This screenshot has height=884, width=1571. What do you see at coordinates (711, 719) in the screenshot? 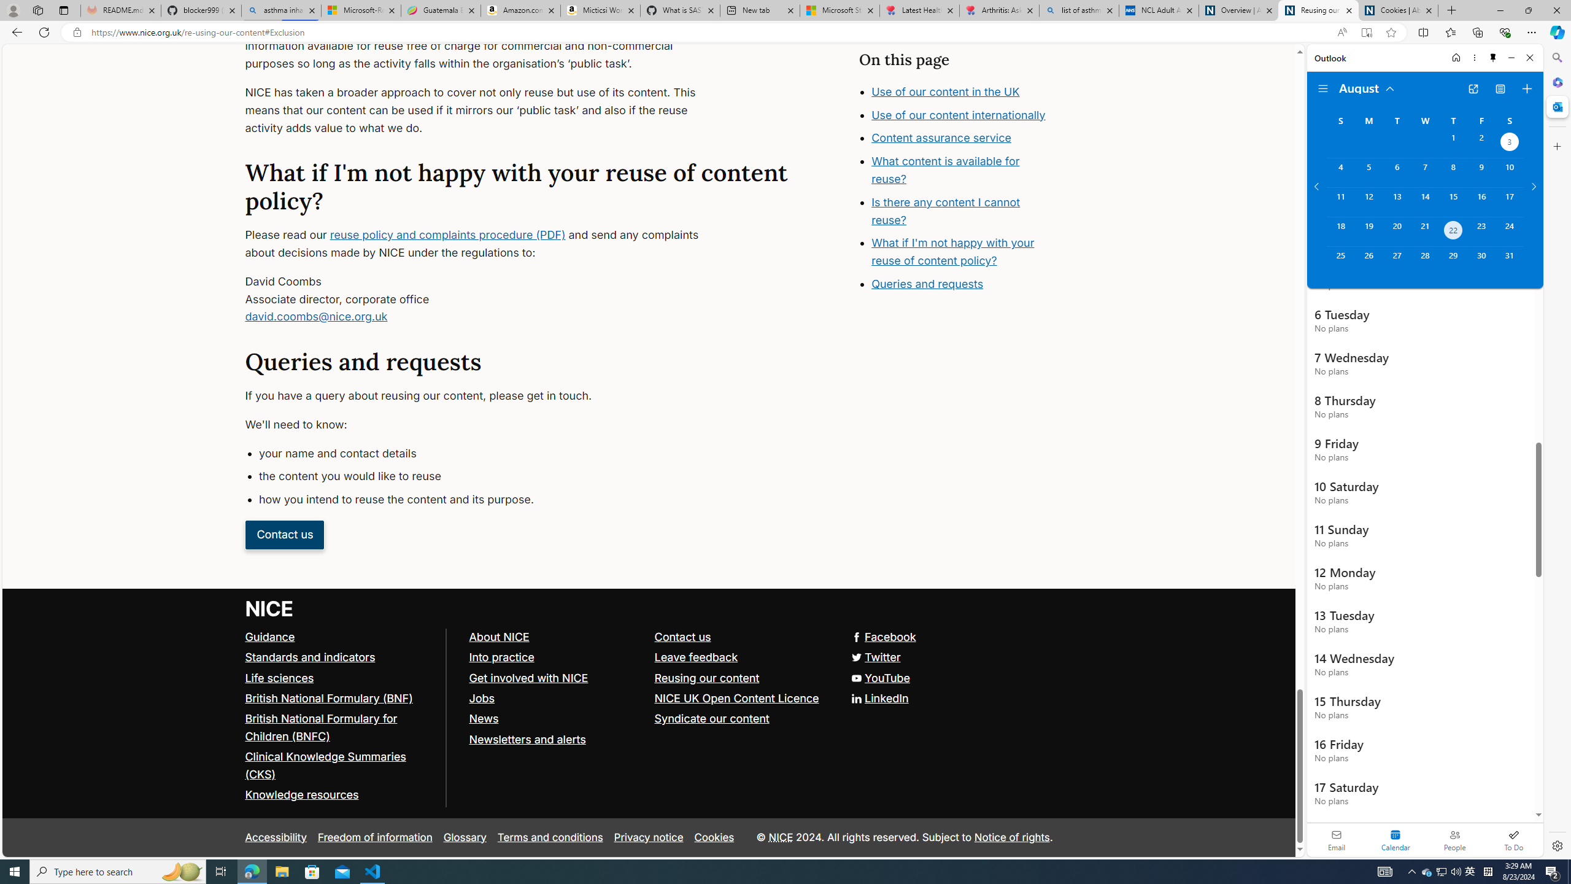
I see `'Syndicate our content'` at bounding box center [711, 719].